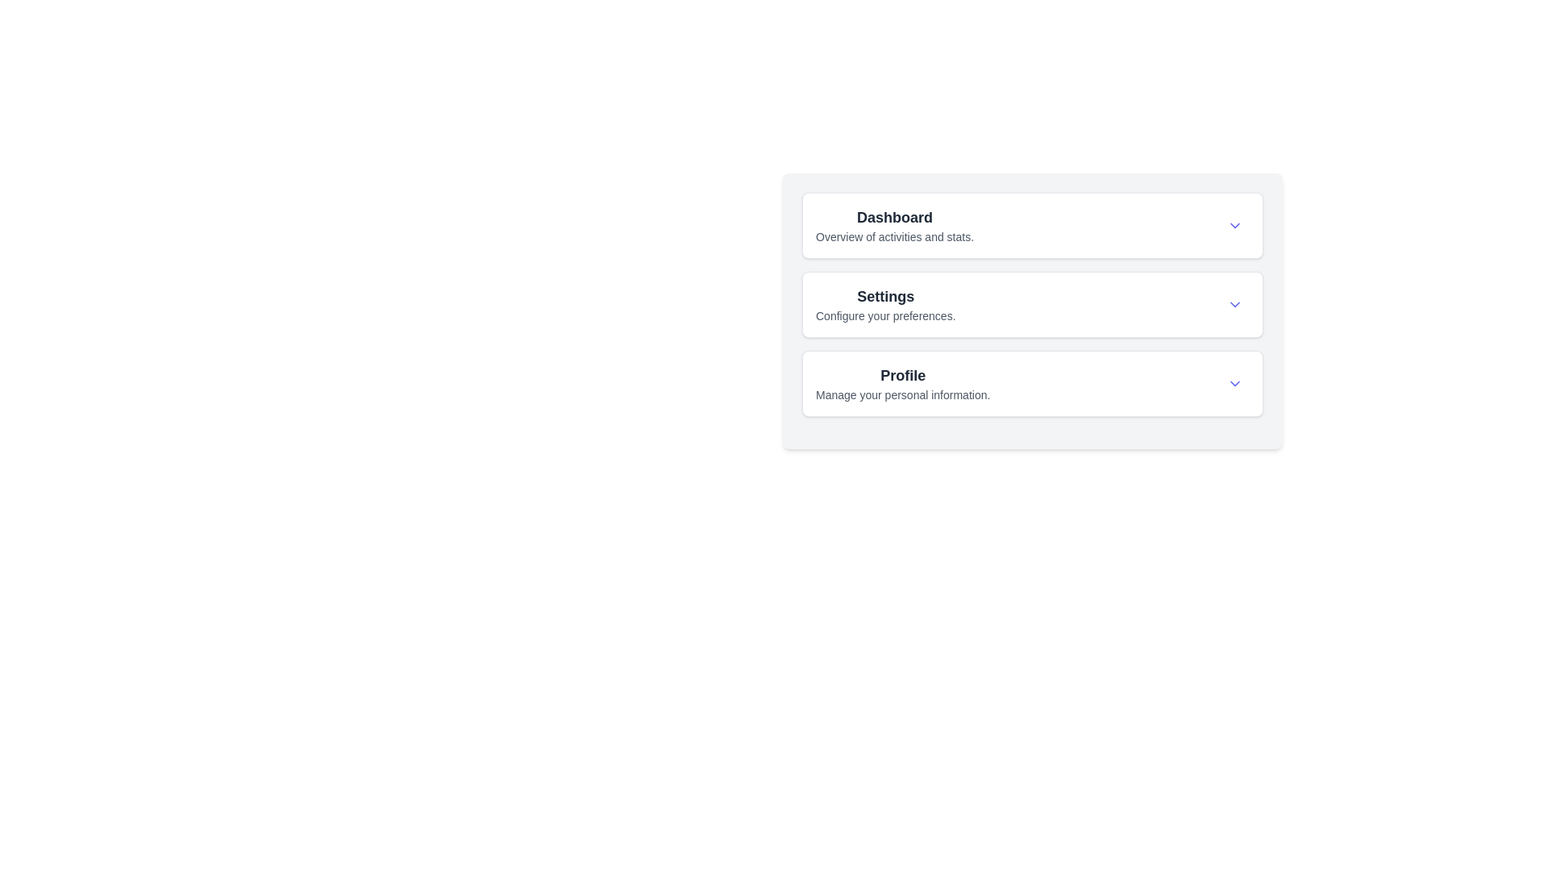 The image size is (1548, 871). I want to click on the 'Profile' label and description element, which is the third option in the vertical navigation panel, following 'Dashboard' and 'Settings', so click(903, 383).